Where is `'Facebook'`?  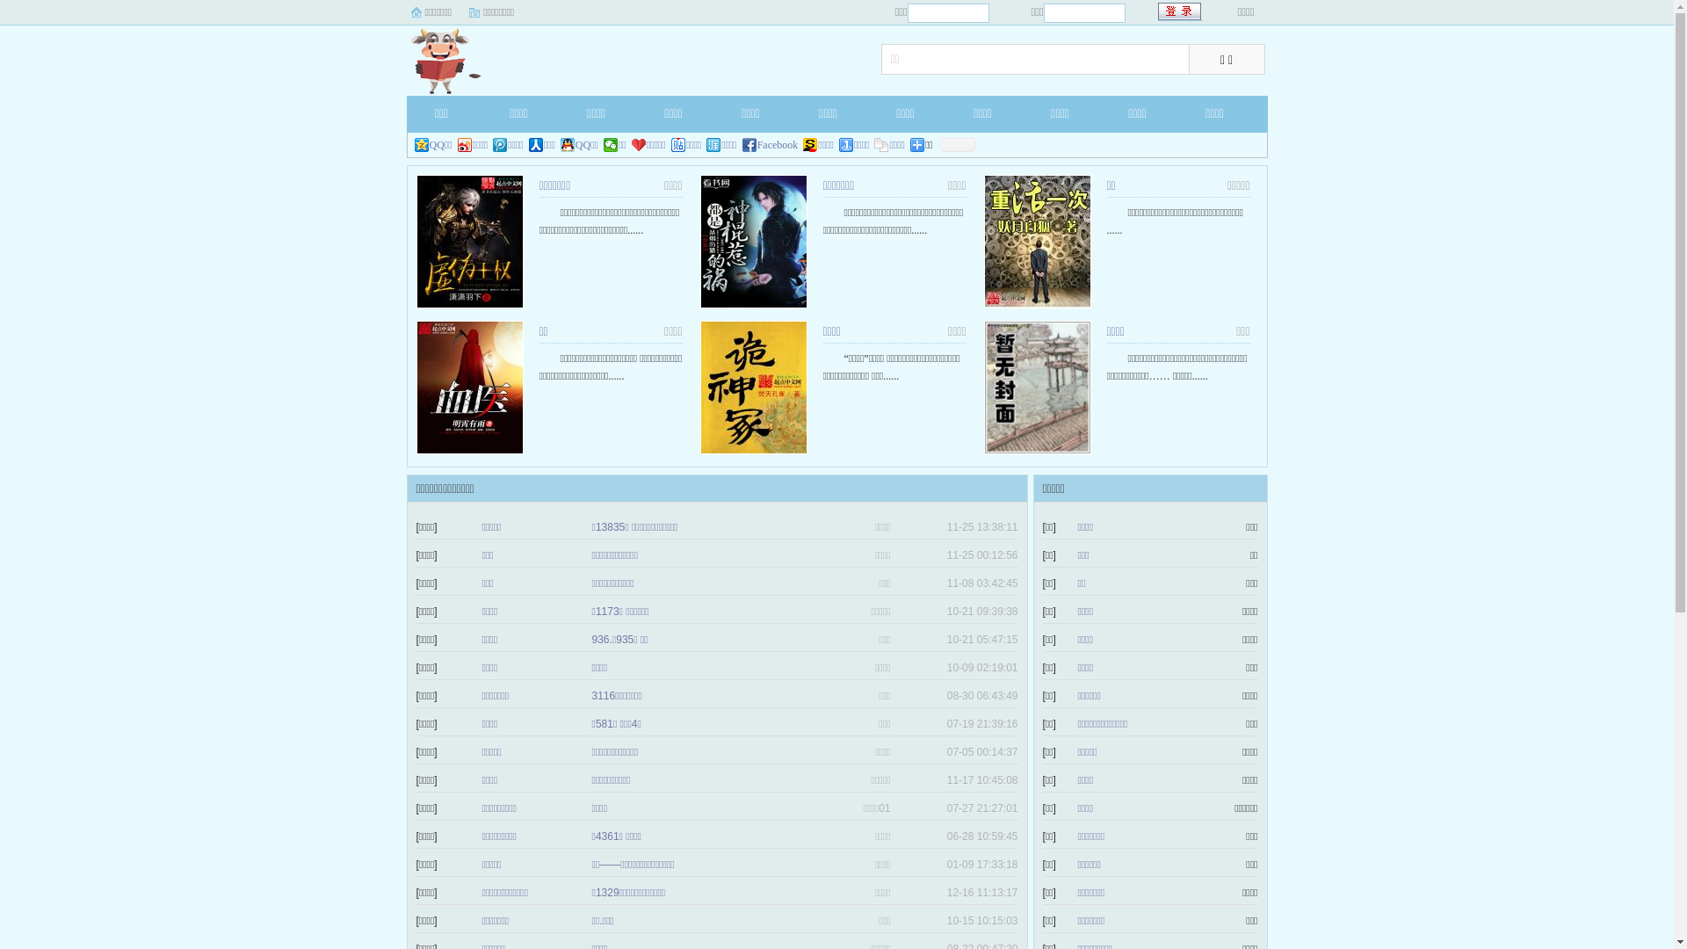
'Facebook' is located at coordinates (771, 144).